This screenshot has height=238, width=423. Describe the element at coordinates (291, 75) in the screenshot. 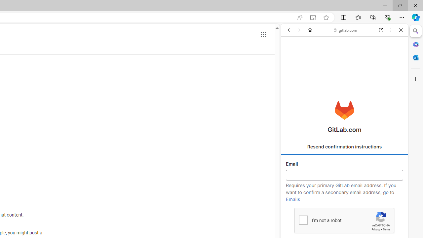

I see `'Search Filter, ALL'` at that location.